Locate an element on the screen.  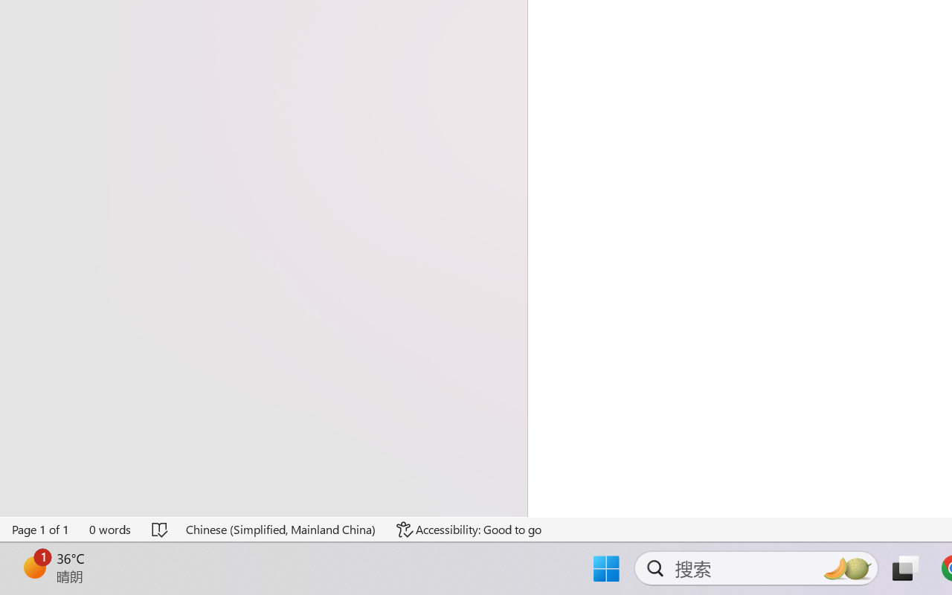
'Language Chinese (Simplified, Mainland China)' is located at coordinates (281, 529).